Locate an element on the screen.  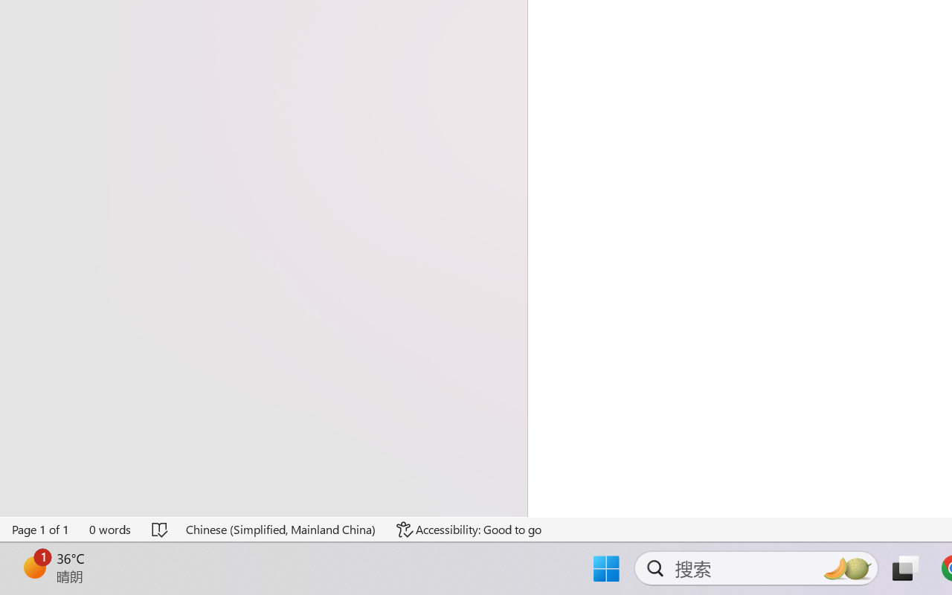
'Language Chinese (Simplified, Mainland China)' is located at coordinates (281, 529).